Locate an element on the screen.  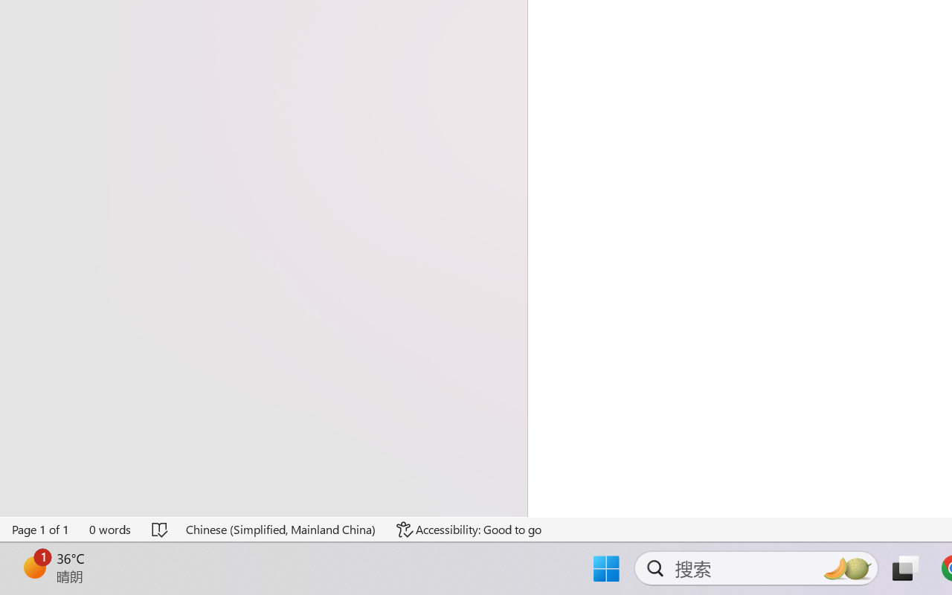
'Language Chinese (Simplified, Mainland China)' is located at coordinates (281, 529).